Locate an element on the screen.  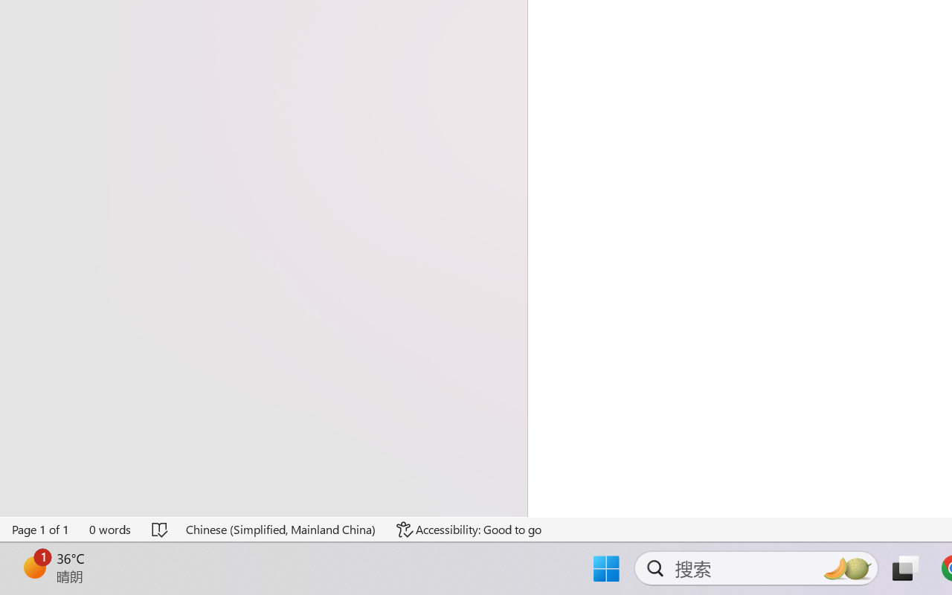
'Language Chinese (Simplified, Mainland China)' is located at coordinates (281, 529).